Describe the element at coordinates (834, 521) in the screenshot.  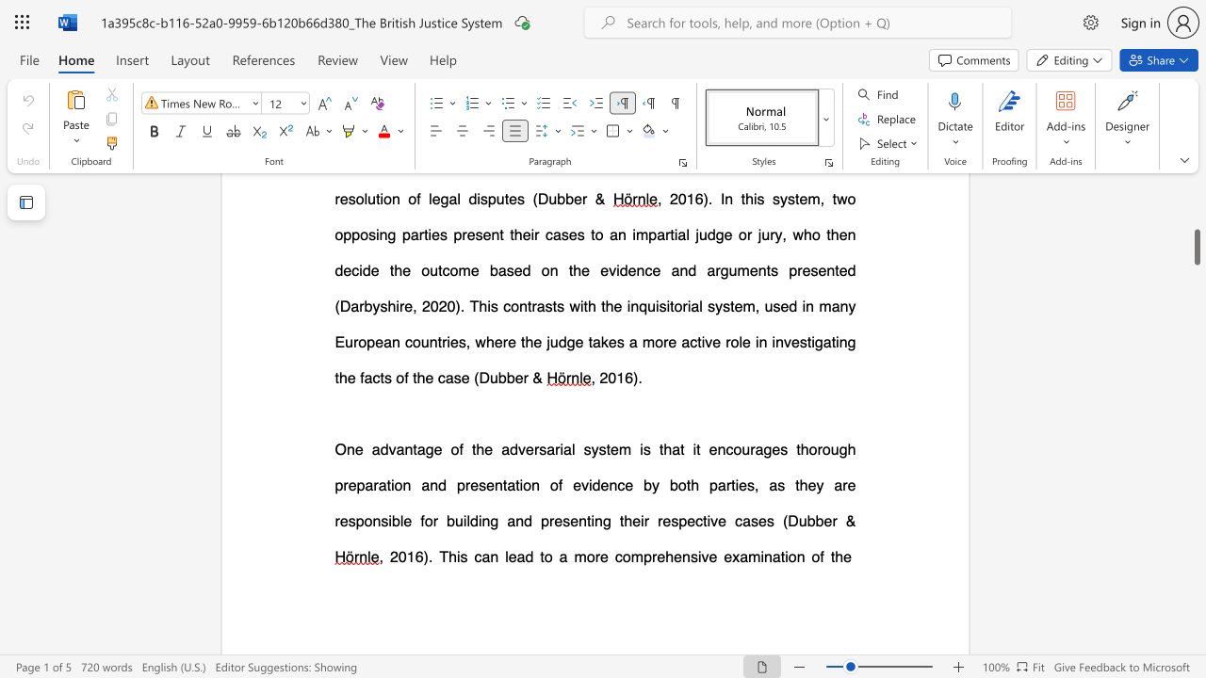
I see `the 1th character "r" in the text` at that location.